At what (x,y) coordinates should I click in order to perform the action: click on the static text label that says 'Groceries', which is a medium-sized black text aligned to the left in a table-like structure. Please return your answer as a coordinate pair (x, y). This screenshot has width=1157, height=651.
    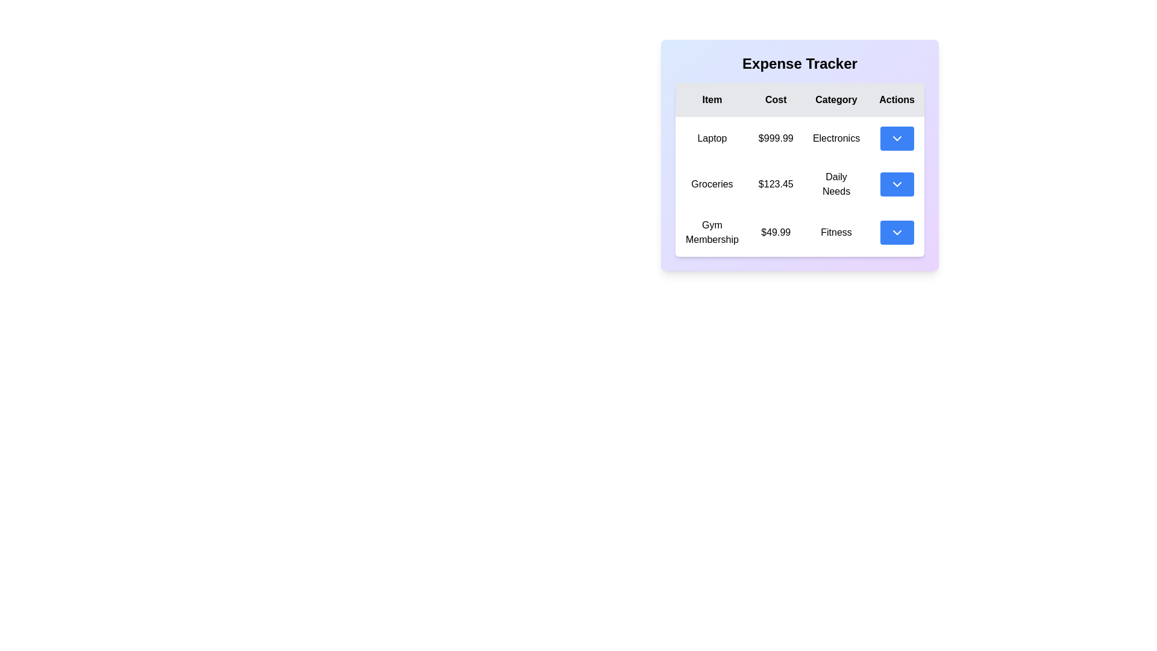
    Looking at the image, I should click on (712, 184).